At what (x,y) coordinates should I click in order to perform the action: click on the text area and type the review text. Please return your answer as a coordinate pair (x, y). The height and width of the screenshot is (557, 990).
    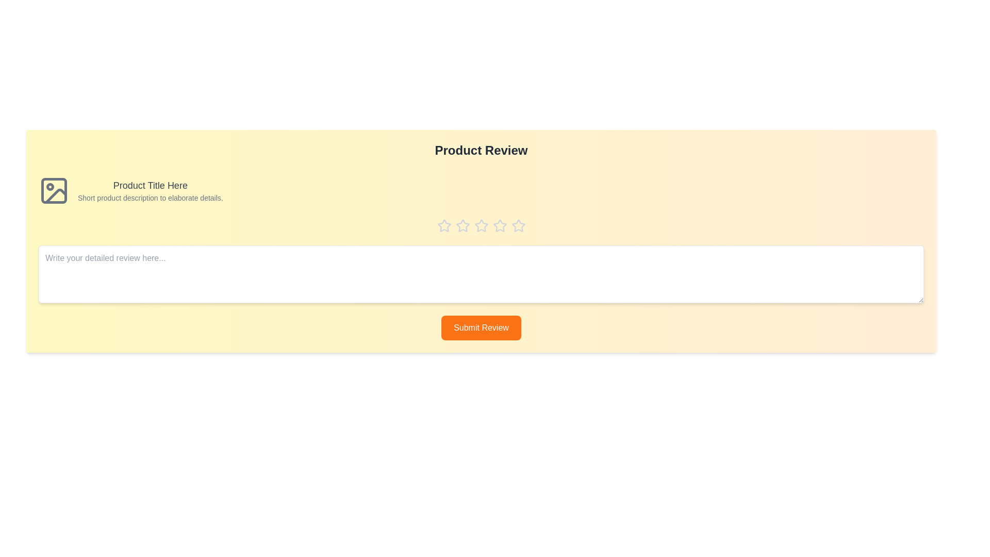
    Looking at the image, I should click on (481, 274).